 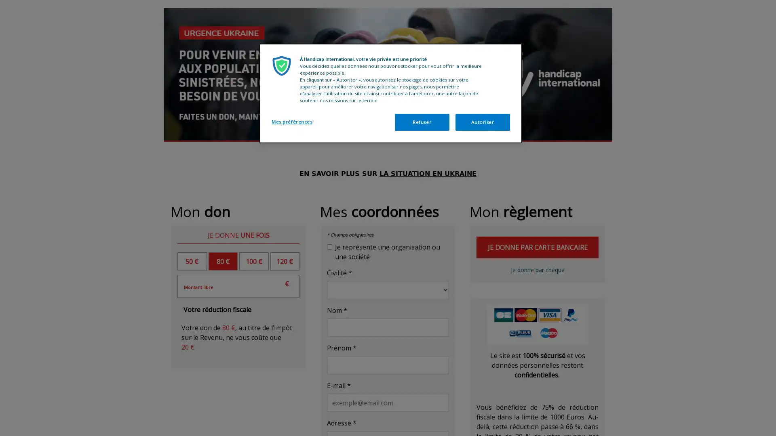 What do you see at coordinates (483, 122) in the screenshot?
I see `Autoriser` at bounding box center [483, 122].